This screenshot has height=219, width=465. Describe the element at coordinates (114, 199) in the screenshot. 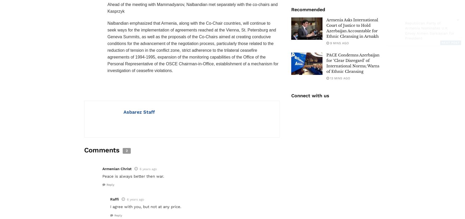

I see `'Raffi'` at that location.